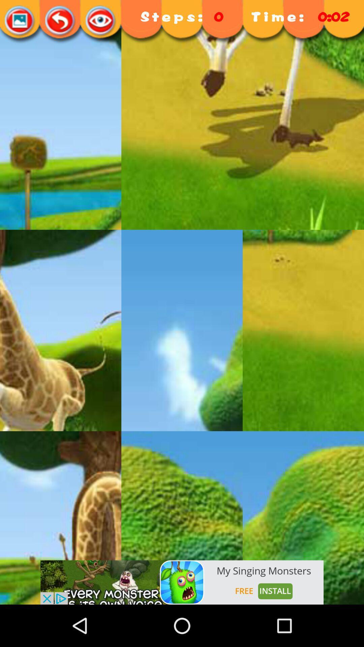 This screenshot has height=647, width=364. What do you see at coordinates (101, 21) in the screenshot?
I see `the visibility icon` at bounding box center [101, 21].